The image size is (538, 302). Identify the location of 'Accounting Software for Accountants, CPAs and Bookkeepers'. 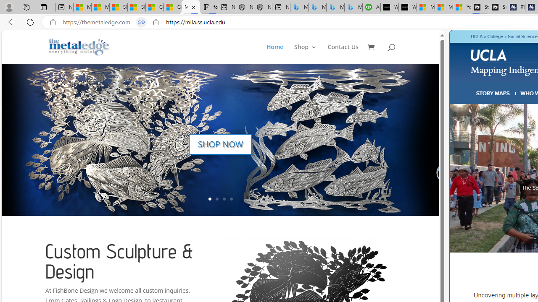
(371, 7).